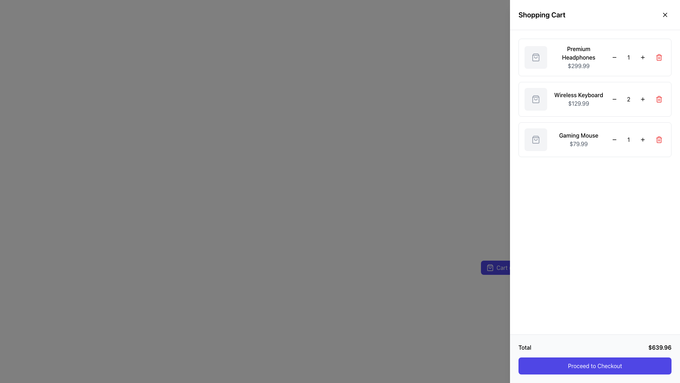 The height and width of the screenshot is (383, 680). What do you see at coordinates (659, 99) in the screenshot?
I see `the trash icon button located on the far right of the row displaying the 'Wireless Keyboard' item in the shopping cart` at bounding box center [659, 99].